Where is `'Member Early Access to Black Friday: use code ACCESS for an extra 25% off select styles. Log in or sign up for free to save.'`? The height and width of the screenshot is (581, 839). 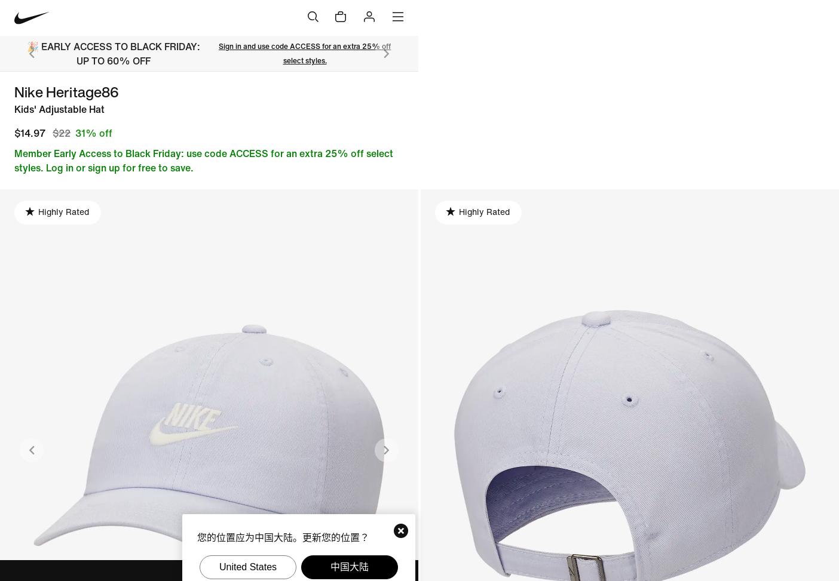
'Member Early Access to Black Friday: use code ACCESS for an extra 25% off select styles. Log in or sign up for free to save.' is located at coordinates (204, 159).